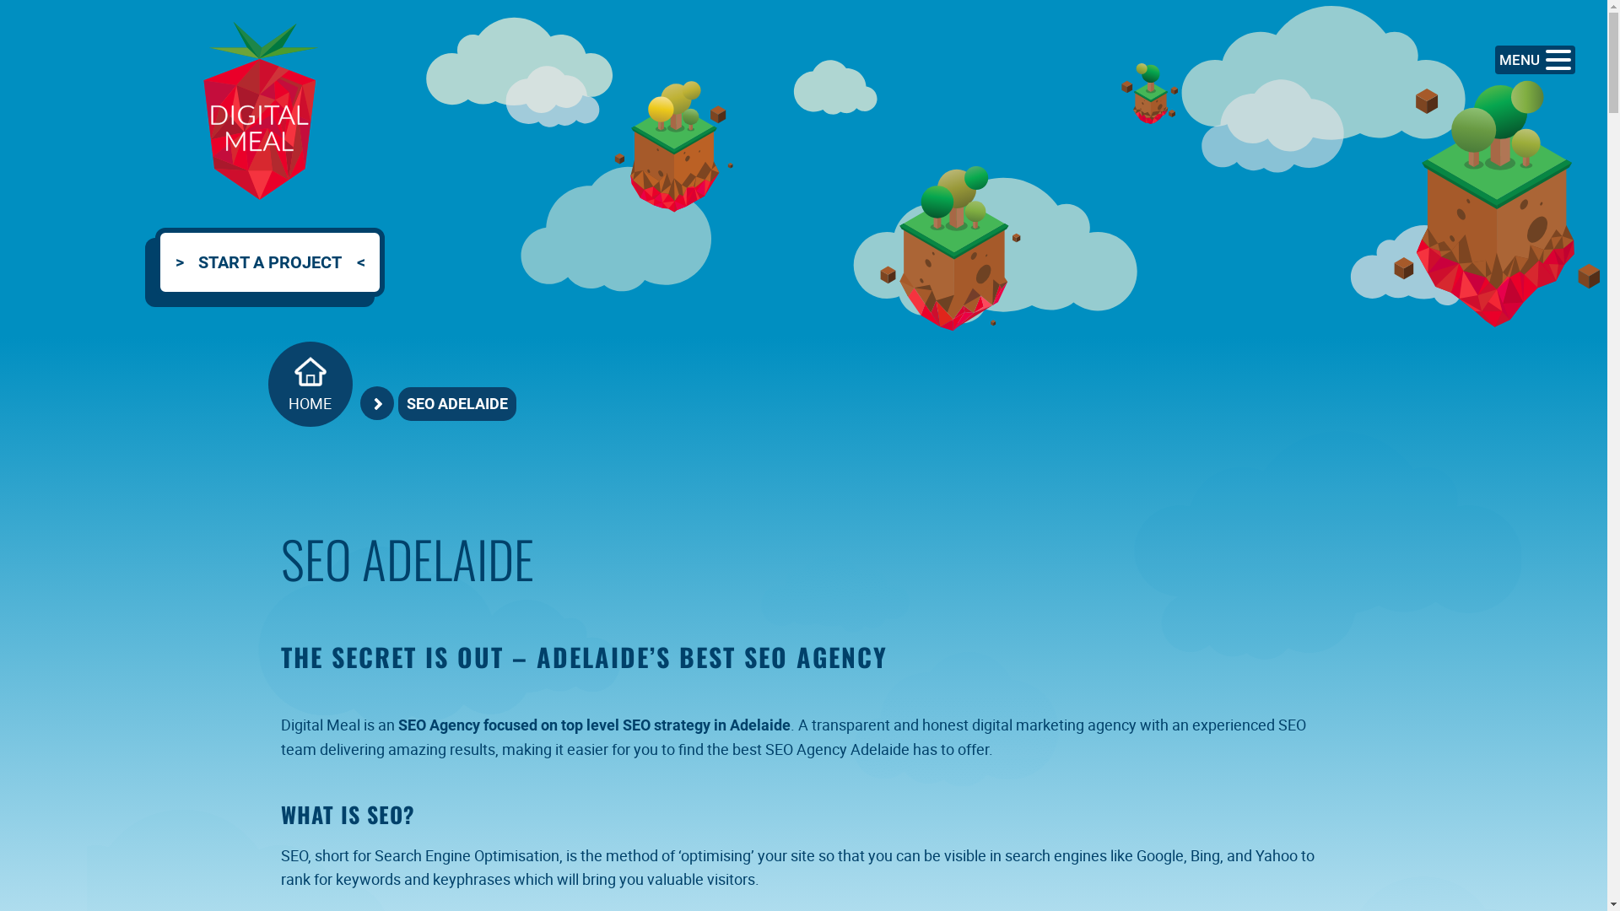 The width and height of the screenshot is (1620, 911). What do you see at coordinates (258, 272) in the screenshot?
I see `'START A PROJECT'` at bounding box center [258, 272].